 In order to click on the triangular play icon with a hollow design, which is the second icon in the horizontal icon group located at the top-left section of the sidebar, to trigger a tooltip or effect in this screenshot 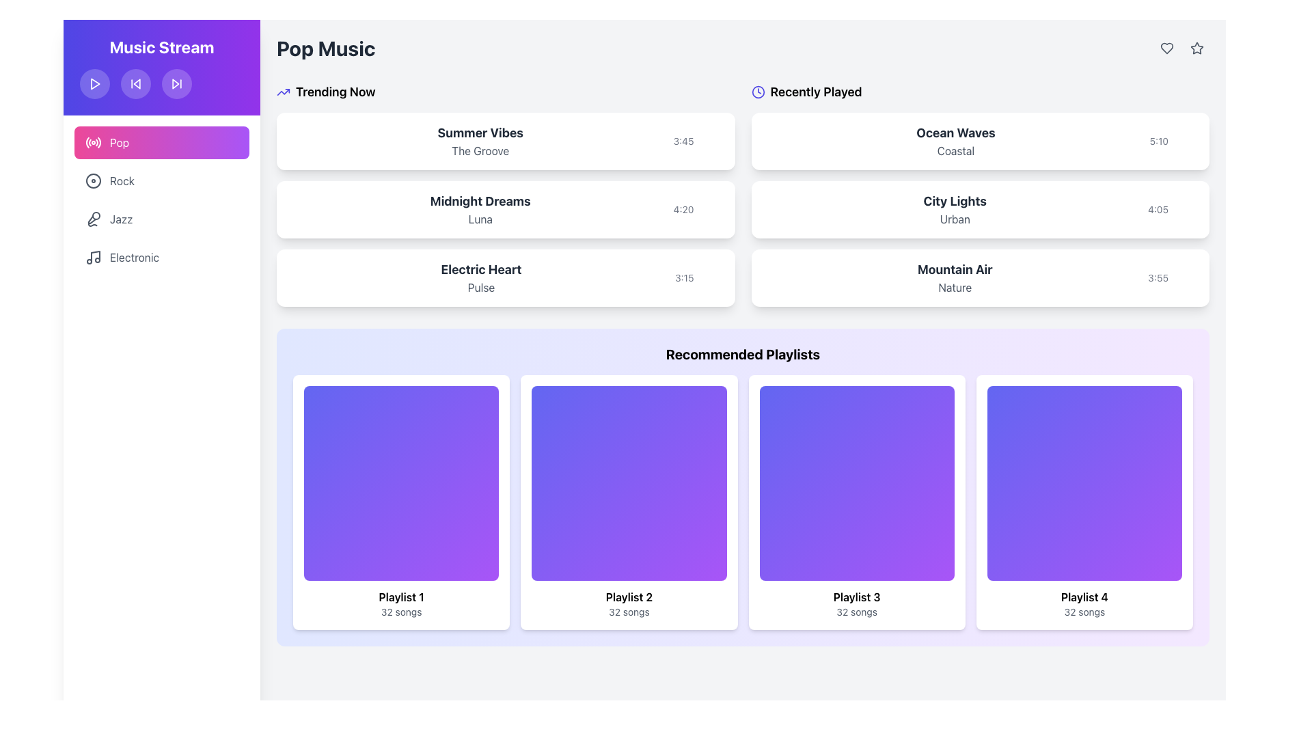, I will do `click(175, 84)`.